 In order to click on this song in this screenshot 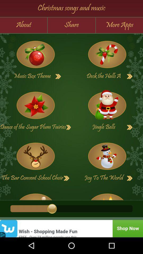, I will do `click(107, 156)`.